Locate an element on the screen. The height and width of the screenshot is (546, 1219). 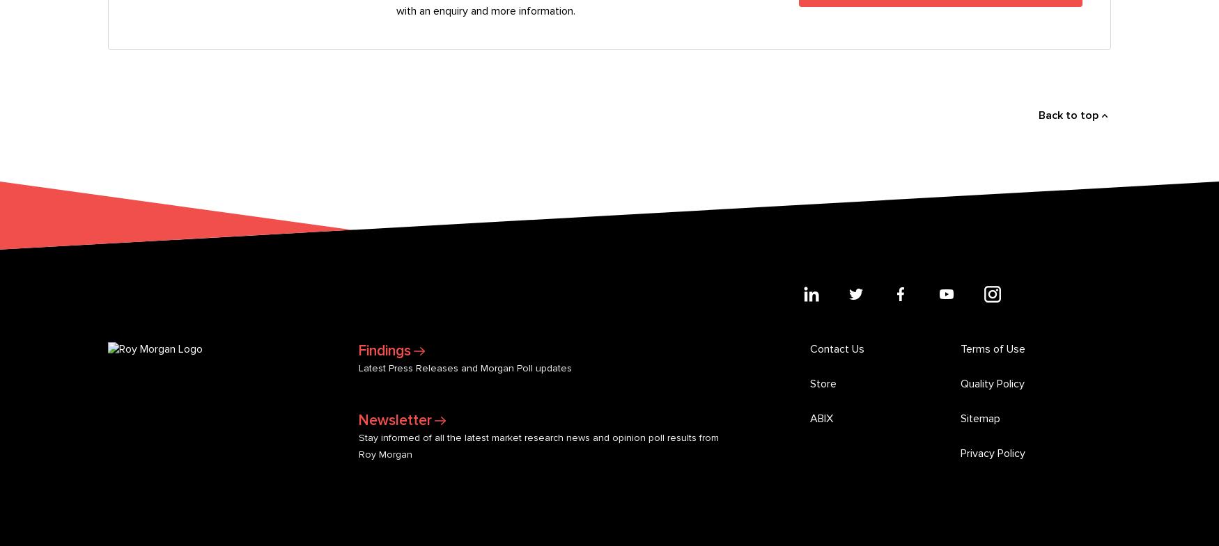
'Latest Press Releases and Morgan Poll updates' is located at coordinates (464, 132).